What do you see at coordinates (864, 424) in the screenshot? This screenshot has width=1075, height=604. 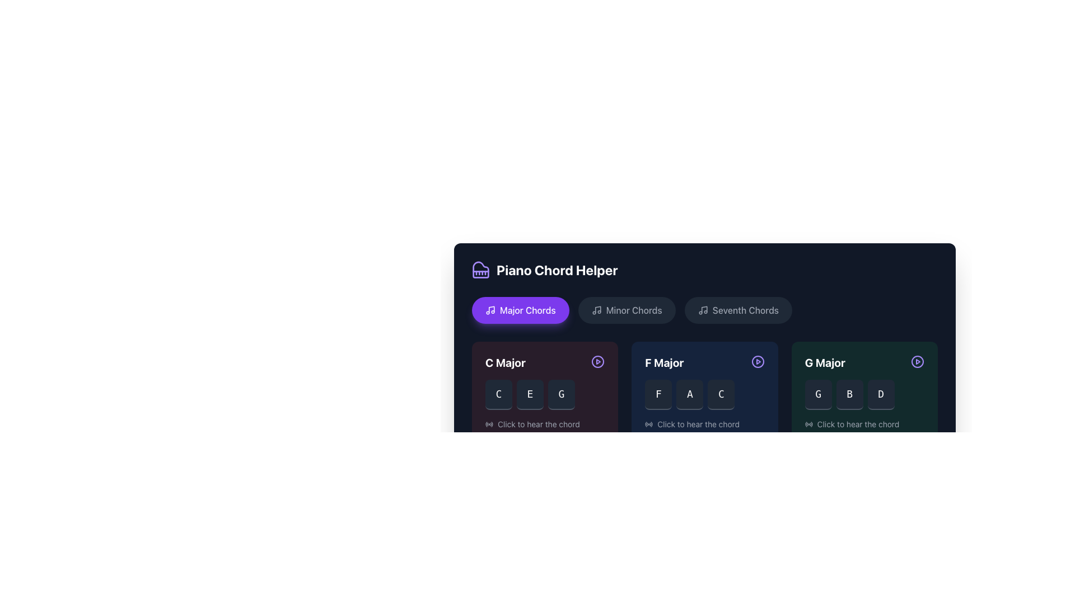 I see `the informational text label indicating that clicking will play or hear the chord, located beneath the G Major chord notes 'G', 'B', 'D'` at bounding box center [864, 424].